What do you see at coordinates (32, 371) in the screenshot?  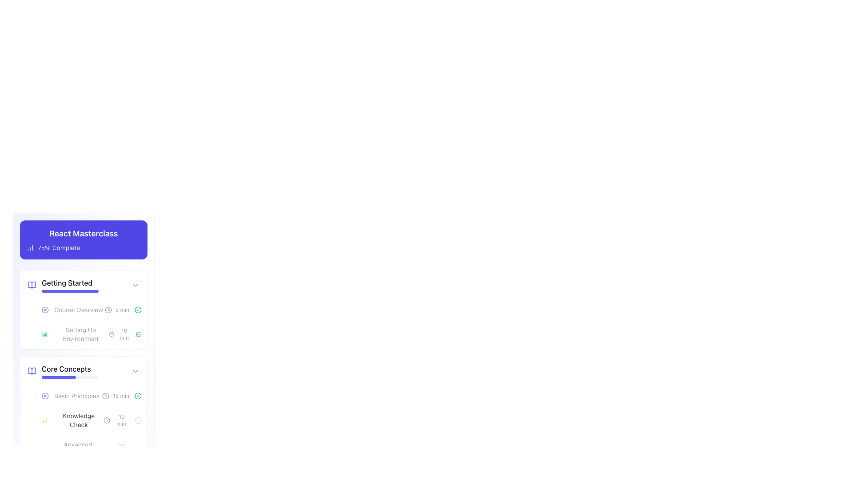 I see `the visual icon representing the 'Core Concepts' section, located to the left of the 'Core Concepts' text` at bounding box center [32, 371].